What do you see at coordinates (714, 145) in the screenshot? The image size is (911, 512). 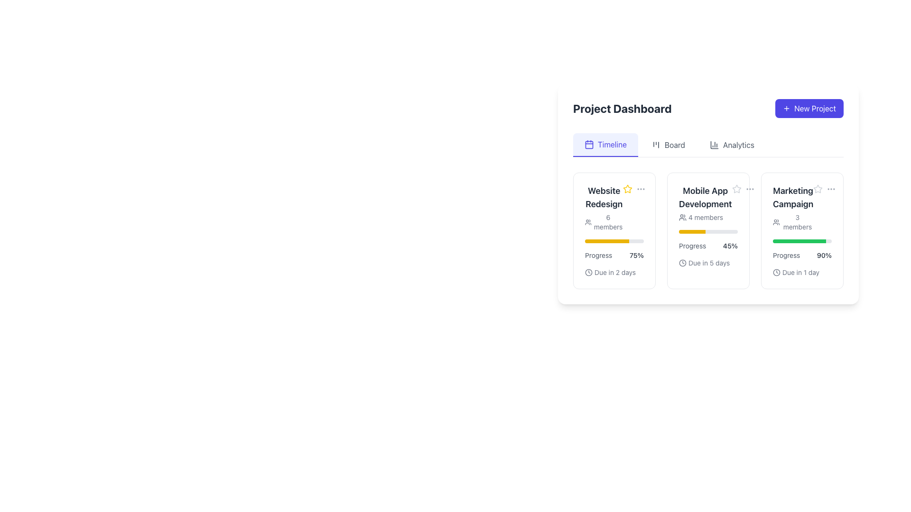 I see `the column chart icon located in the navigation menu, which is styled with thin black stroke lines and is situated to the left of the 'Analytics' label` at bounding box center [714, 145].